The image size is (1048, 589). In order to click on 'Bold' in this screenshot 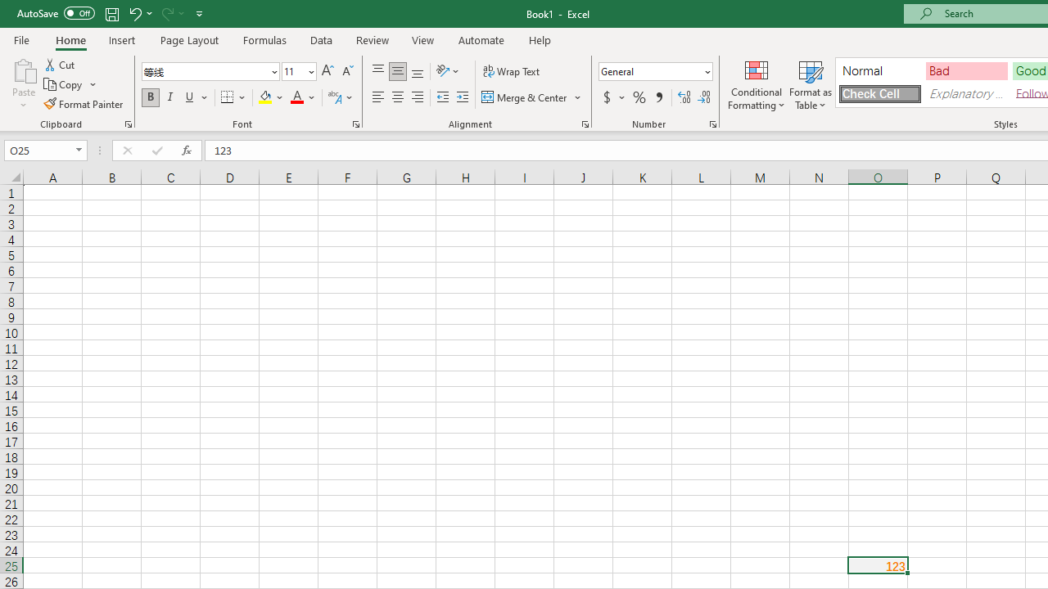, I will do `click(150, 97)`.